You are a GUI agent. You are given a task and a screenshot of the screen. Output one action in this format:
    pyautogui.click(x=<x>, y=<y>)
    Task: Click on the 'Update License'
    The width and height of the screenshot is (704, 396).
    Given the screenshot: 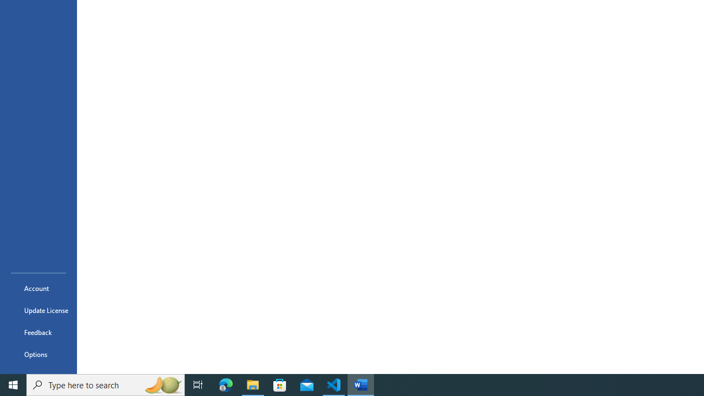 What is the action you would take?
    pyautogui.click(x=38, y=310)
    